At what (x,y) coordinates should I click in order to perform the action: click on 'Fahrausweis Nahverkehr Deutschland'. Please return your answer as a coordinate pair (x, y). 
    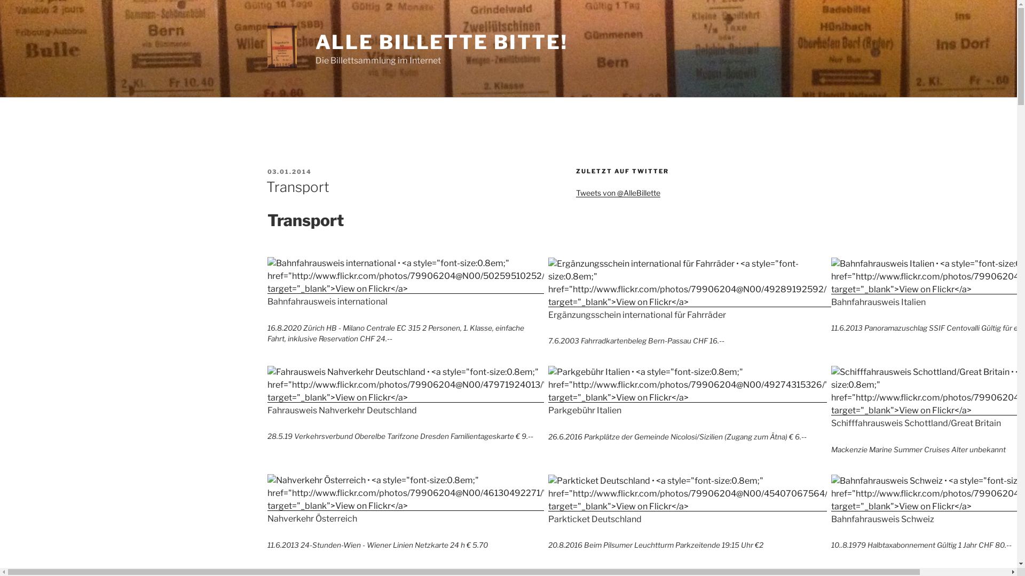
    Looking at the image, I should click on (407, 385).